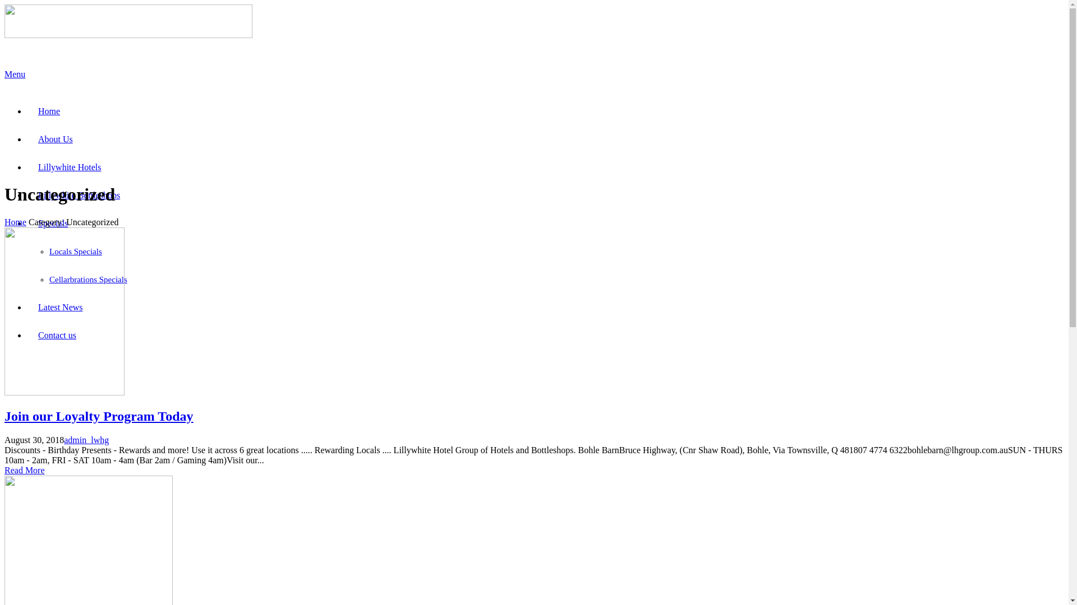  I want to click on 'Locals Specials', so click(75, 250).